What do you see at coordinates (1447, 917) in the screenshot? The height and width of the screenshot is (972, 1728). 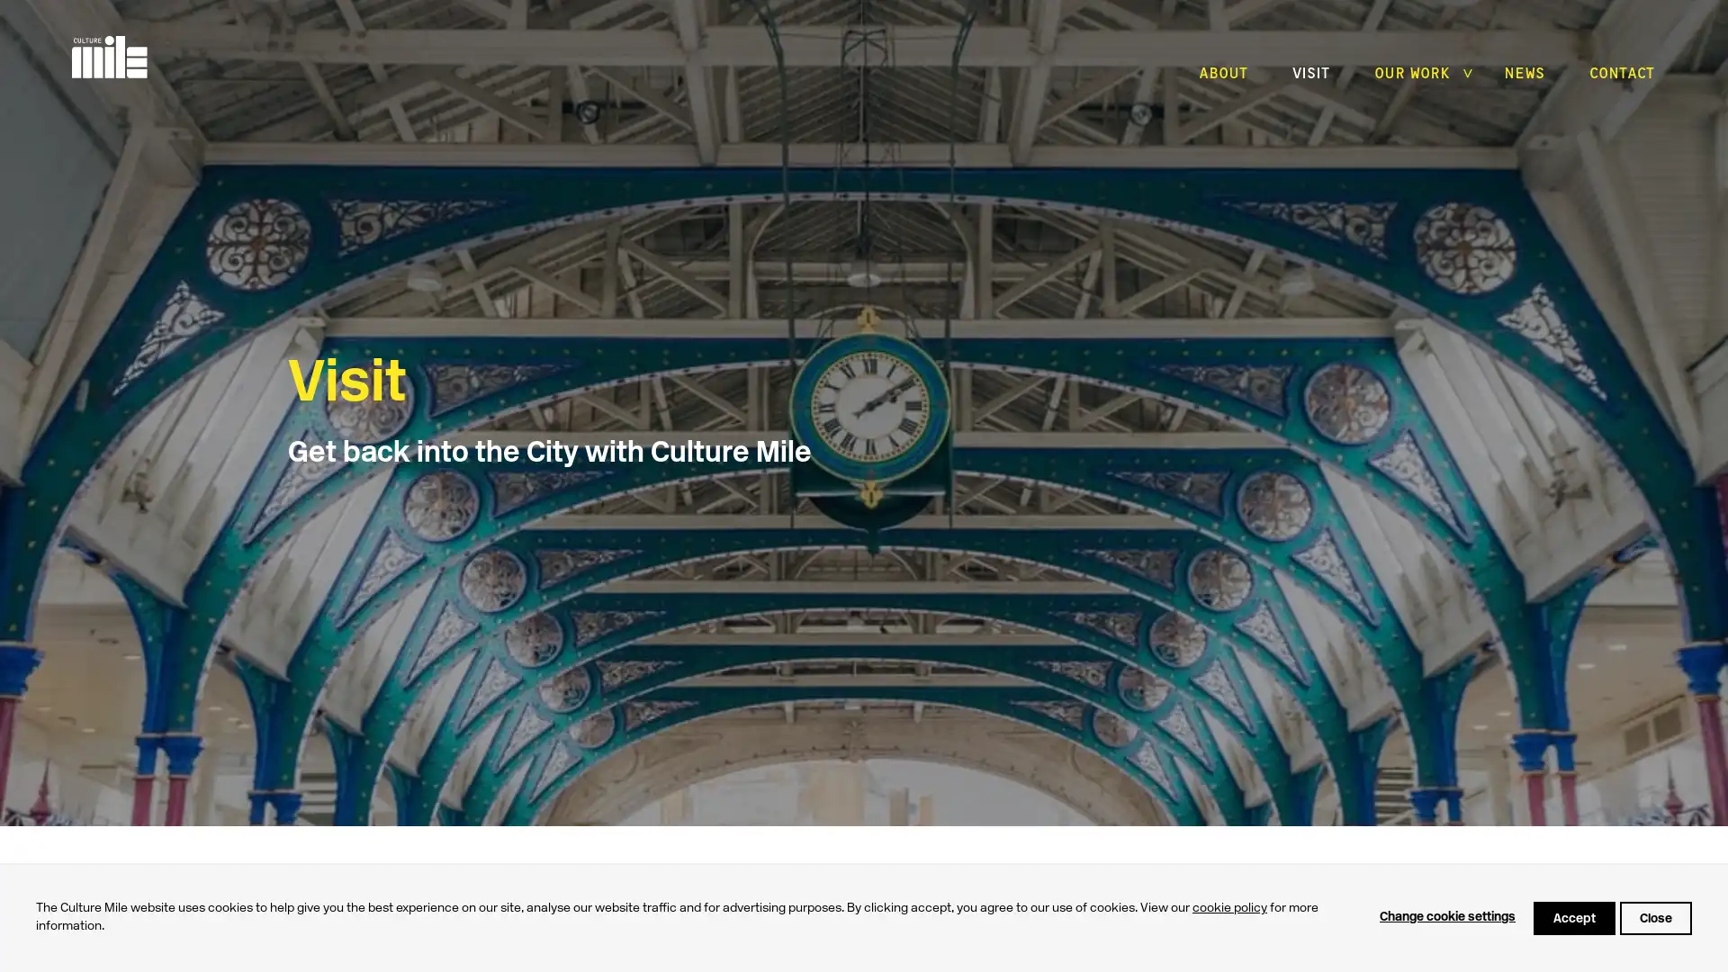 I see `Change cookie settings` at bounding box center [1447, 917].